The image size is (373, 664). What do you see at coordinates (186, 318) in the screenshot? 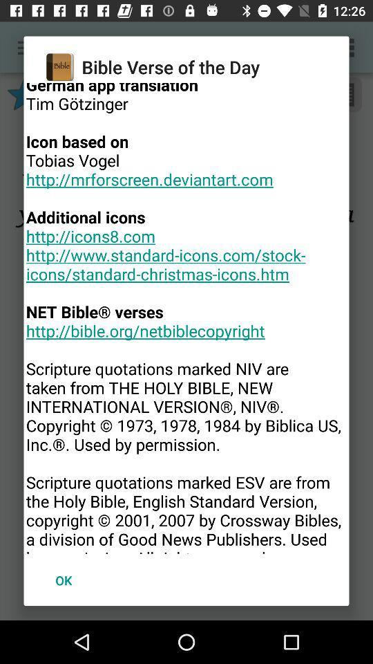
I see `the item above the ok icon` at bounding box center [186, 318].